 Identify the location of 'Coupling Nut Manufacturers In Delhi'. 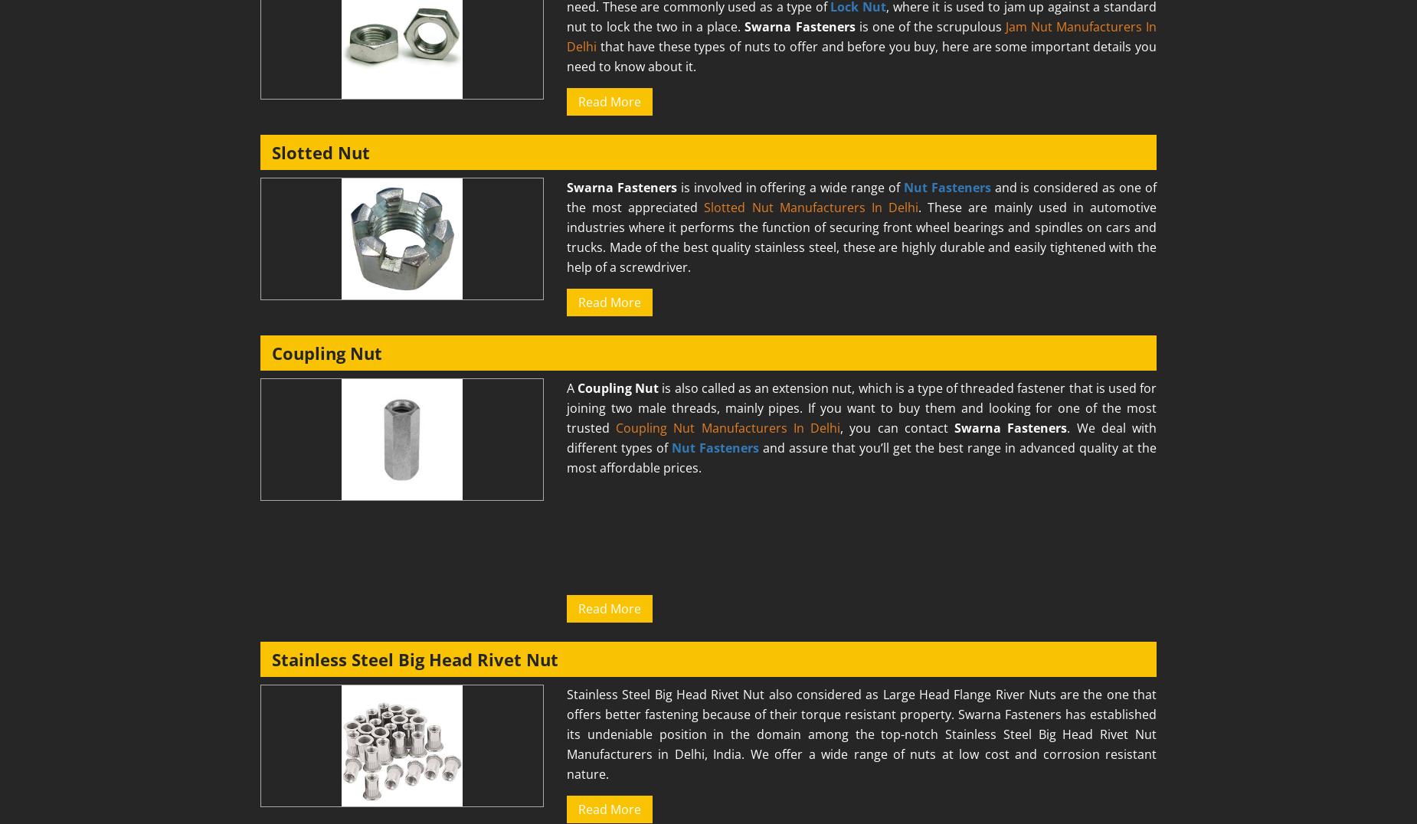
(727, 427).